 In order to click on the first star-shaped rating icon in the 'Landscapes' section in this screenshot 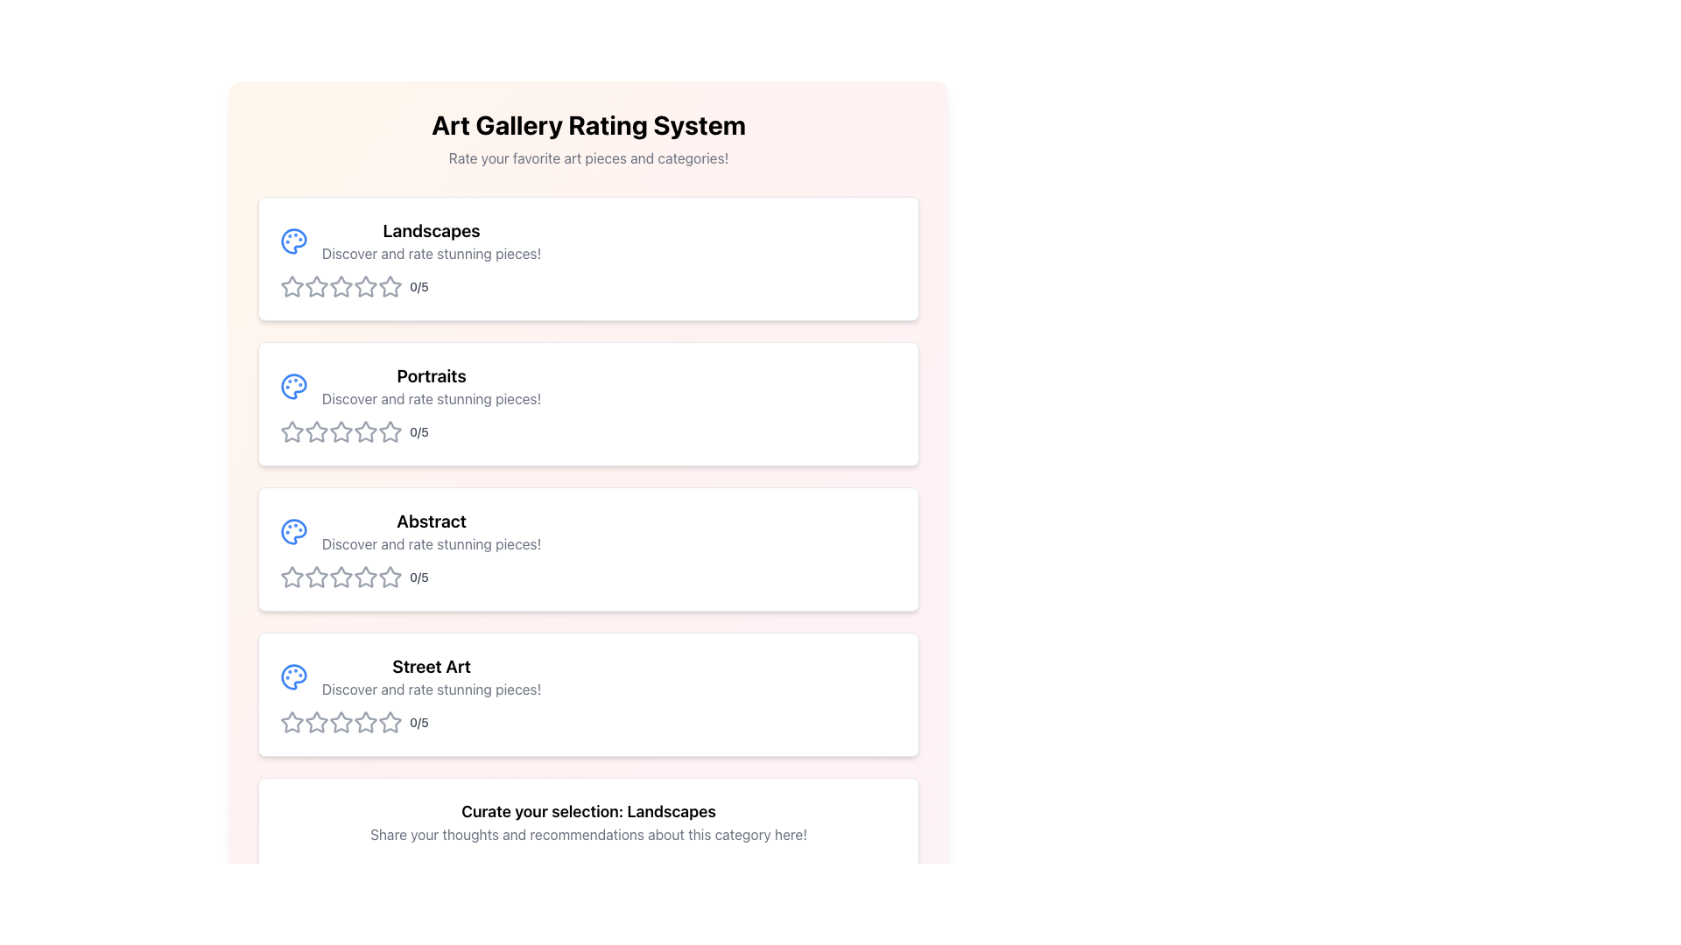, I will do `click(292, 285)`.